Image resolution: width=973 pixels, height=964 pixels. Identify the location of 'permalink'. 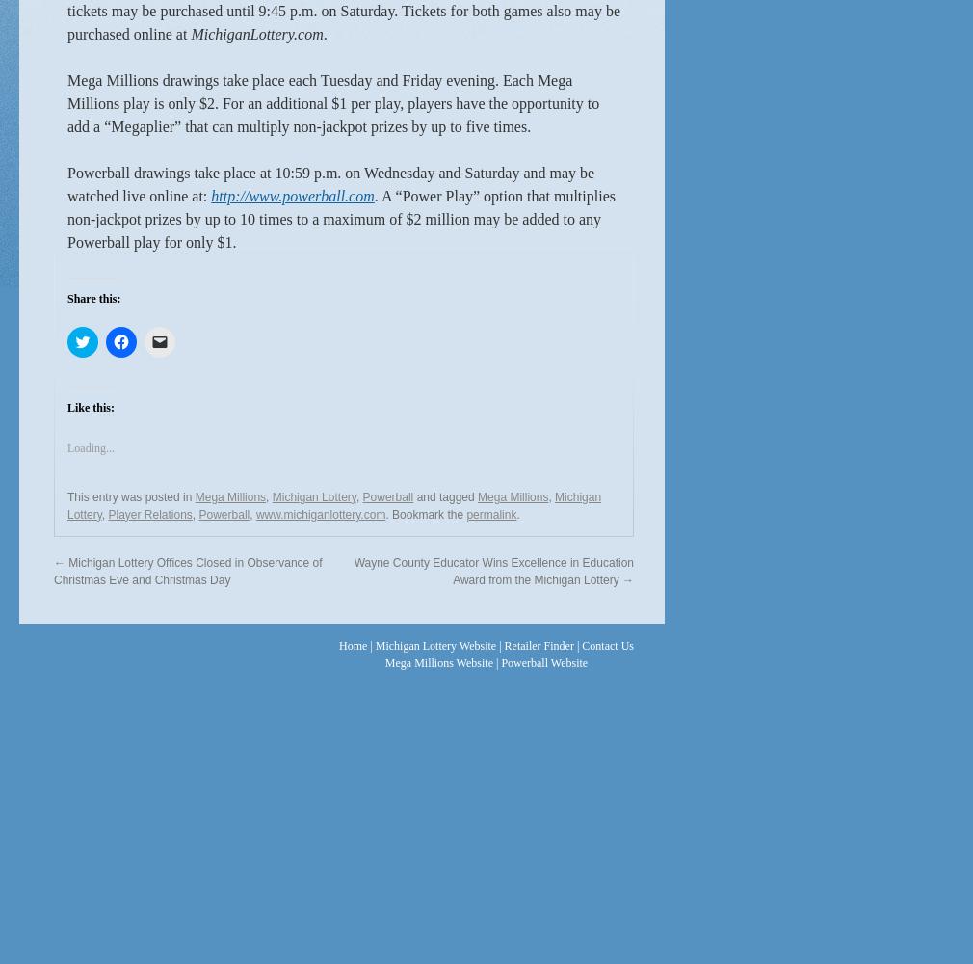
(490, 514).